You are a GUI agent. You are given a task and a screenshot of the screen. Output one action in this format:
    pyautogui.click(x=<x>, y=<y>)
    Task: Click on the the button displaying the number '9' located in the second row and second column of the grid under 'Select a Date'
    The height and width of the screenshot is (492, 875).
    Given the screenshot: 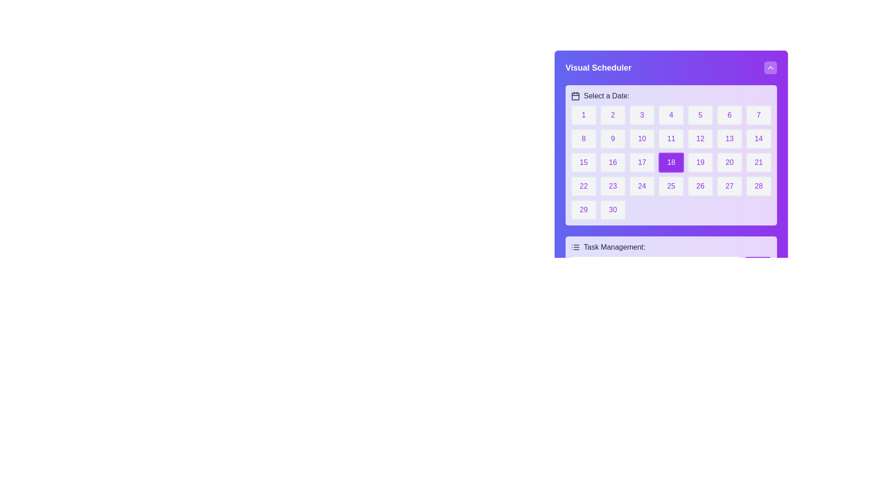 What is the action you would take?
    pyautogui.click(x=612, y=138)
    